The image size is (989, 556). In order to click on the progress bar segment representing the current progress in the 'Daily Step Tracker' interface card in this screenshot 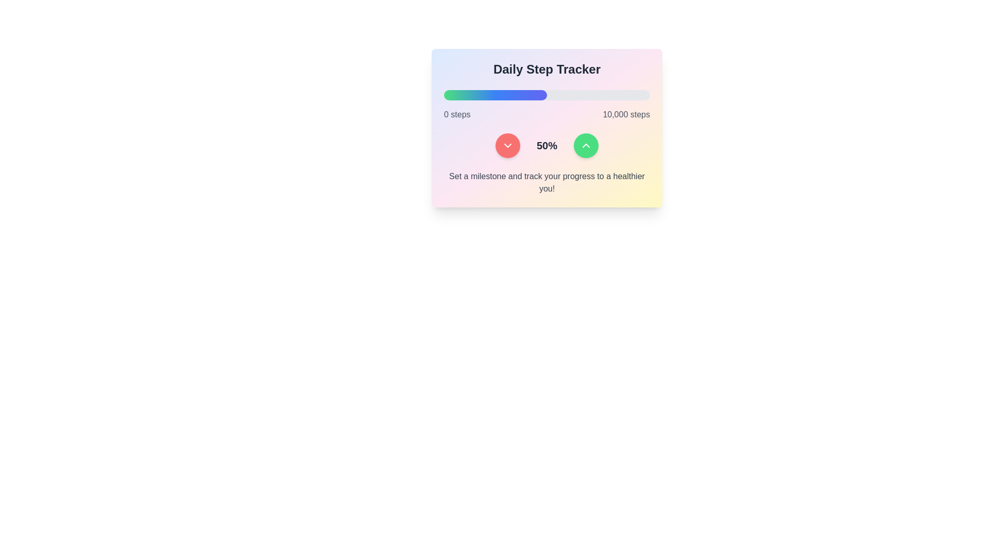, I will do `click(495, 95)`.